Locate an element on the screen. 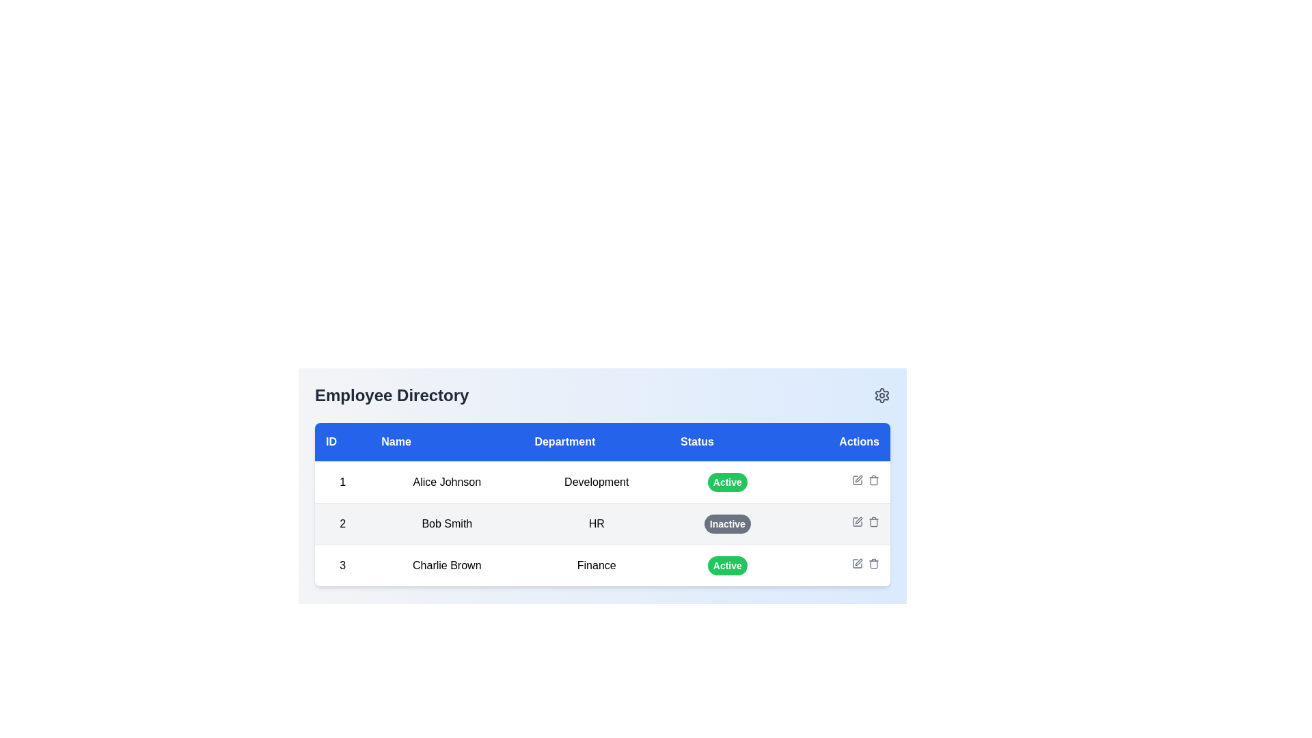 The image size is (1312, 738). the text label 'Finance' in the 'Department' column of row 3, associated with employee 'Charlie Brown.' is located at coordinates (597, 565).